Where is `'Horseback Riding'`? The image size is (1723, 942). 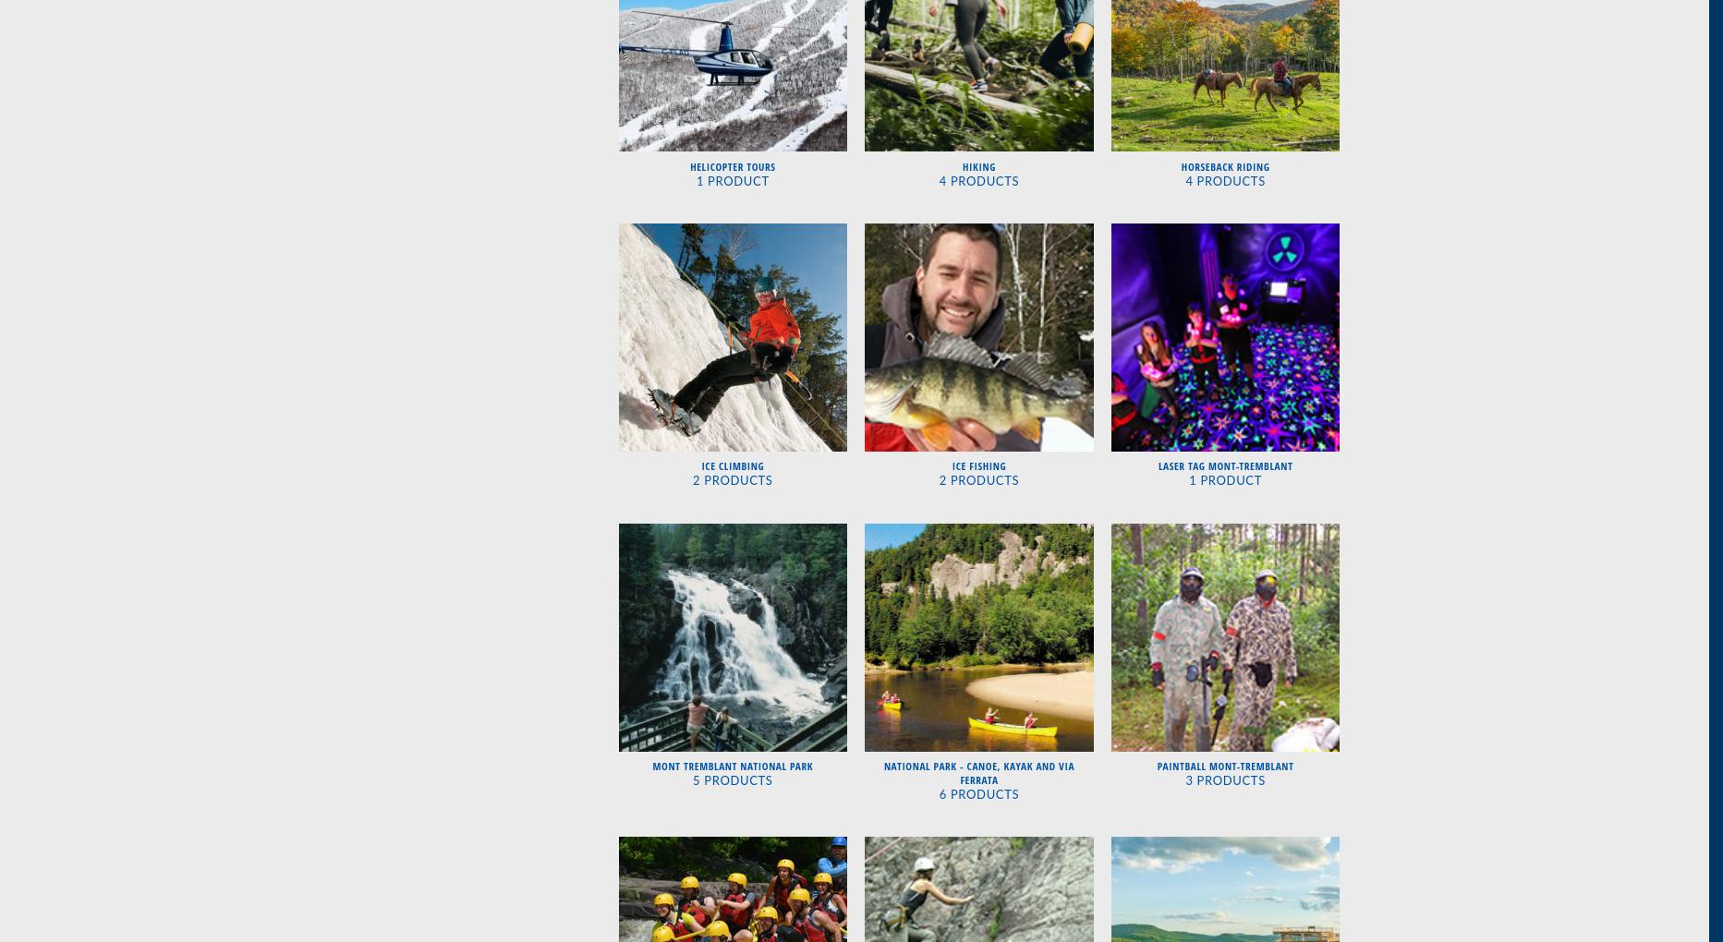 'Horseback Riding' is located at coordinates (1224, 164).